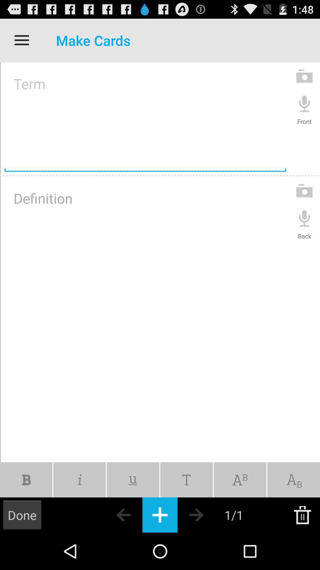  What do you see at coordinates (240, 480) in the screenshot?
I see `ab` at bounding box center [240, 480].